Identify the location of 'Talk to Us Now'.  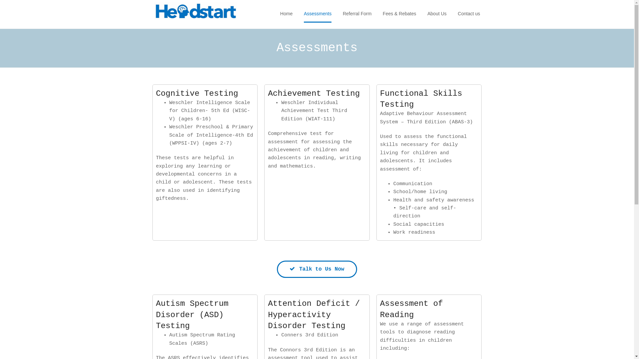
(316, 269).